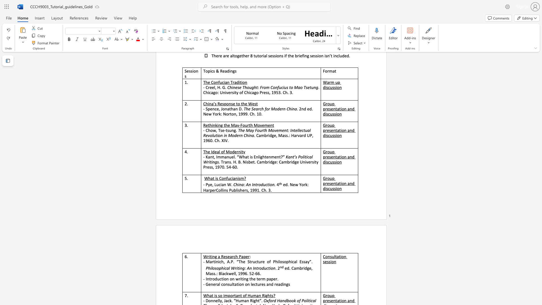  I want to click on the subset text "on" within the text "Group presentation and discussion", so click(337, 188).